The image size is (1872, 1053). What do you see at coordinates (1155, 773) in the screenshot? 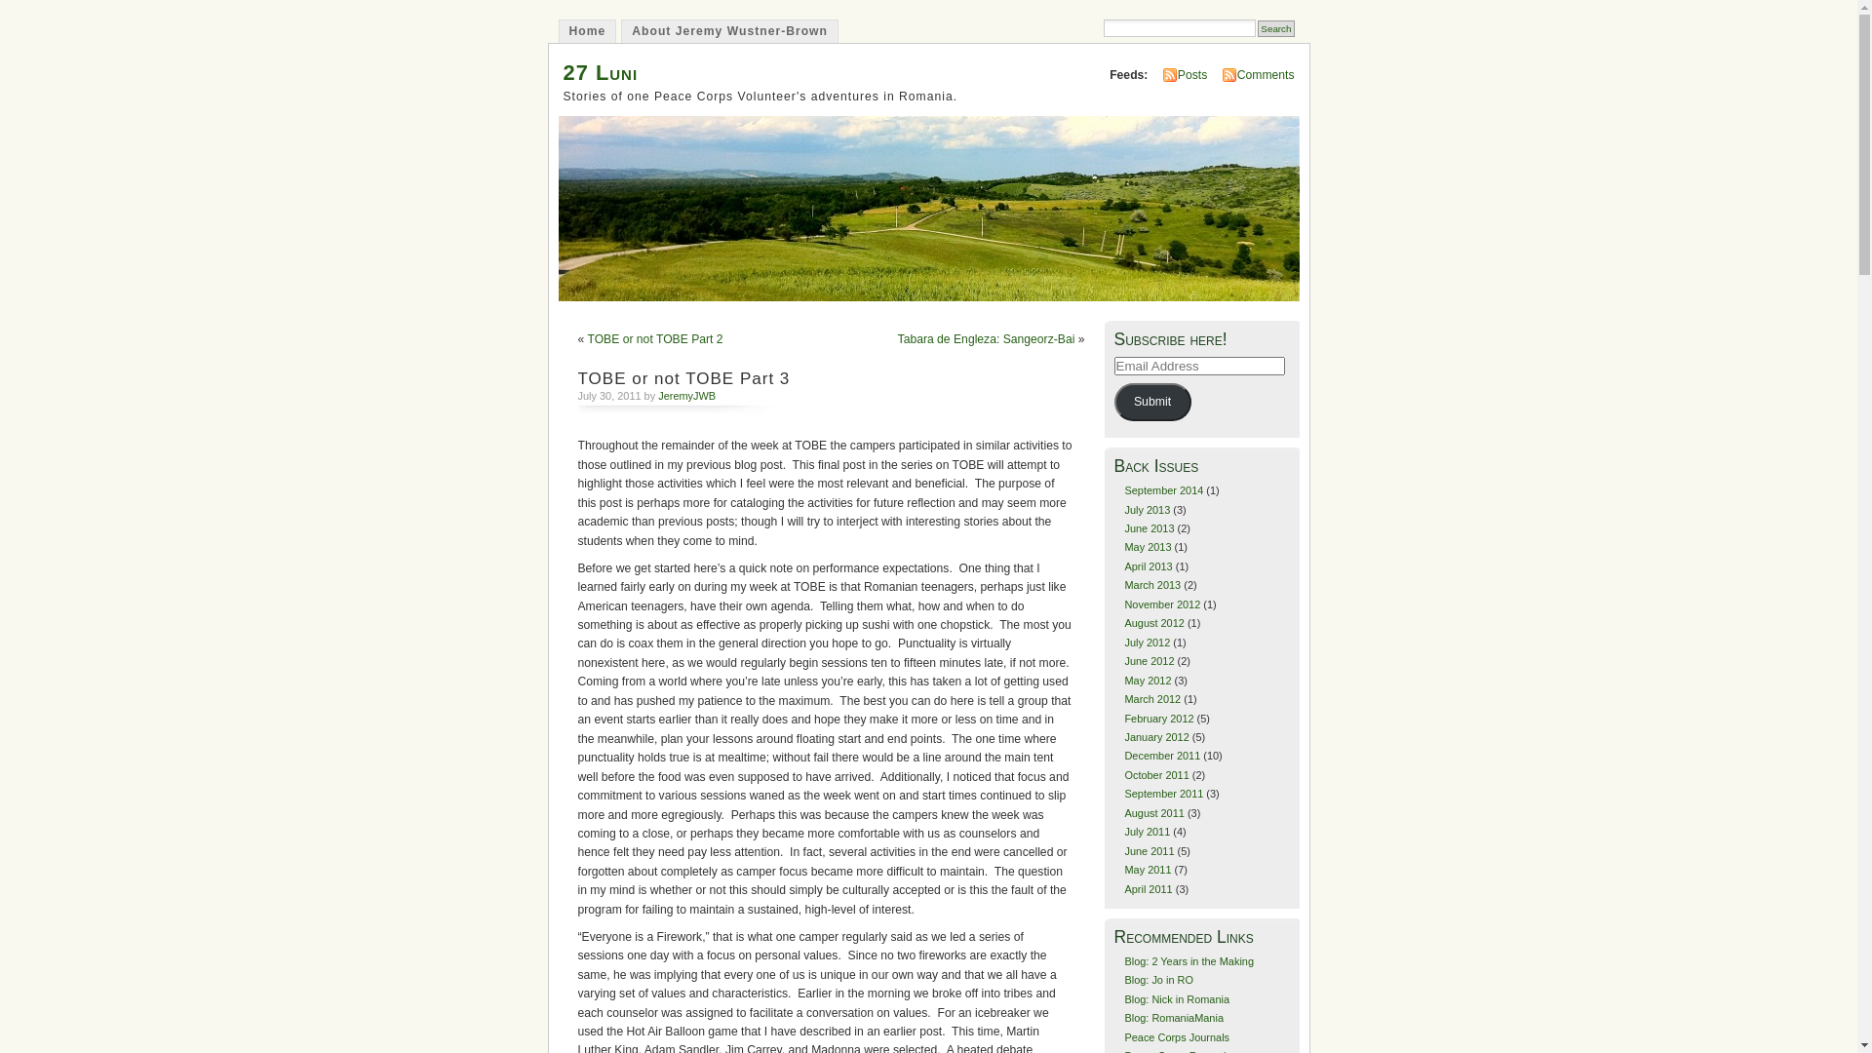
I see `'October 2011'` at bounding box center [1155, 773].